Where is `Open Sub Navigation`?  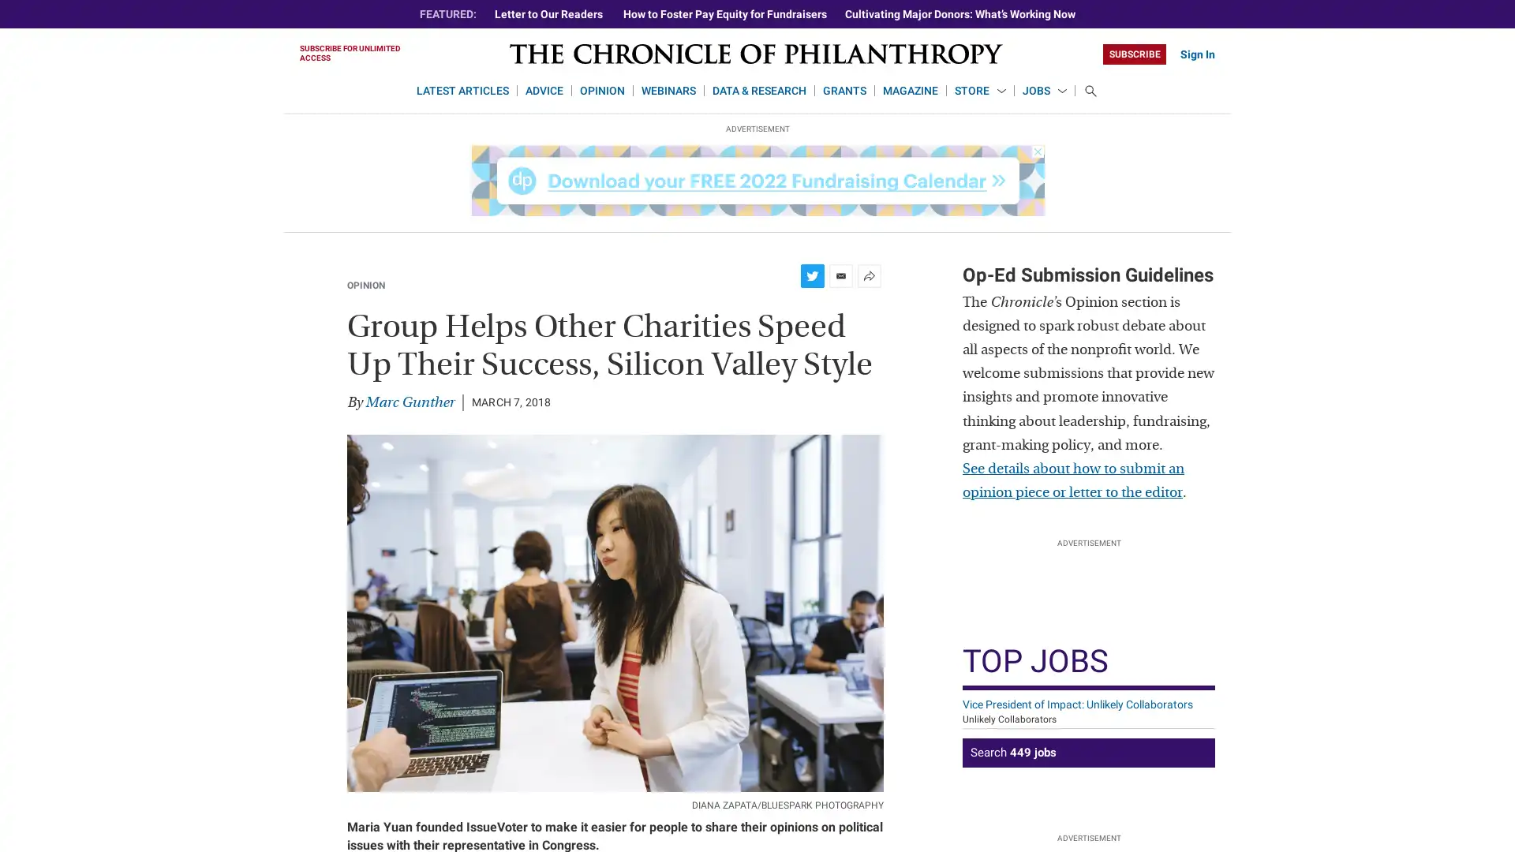
Open Sub Navigation is located at coordinates (1061, 92).